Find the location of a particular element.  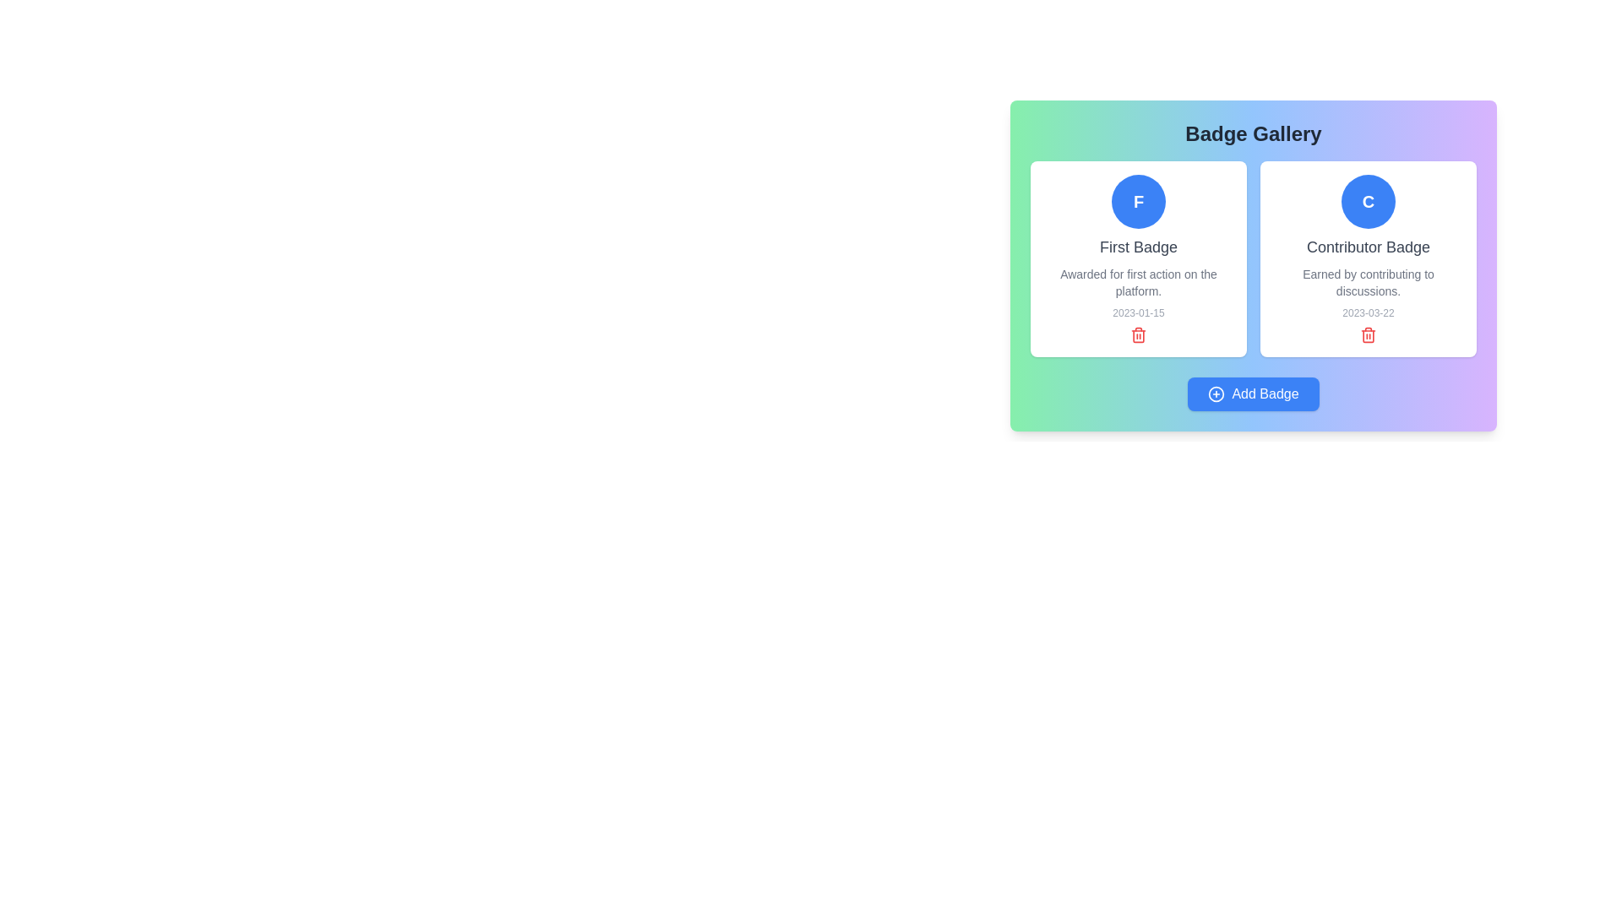

the small text label displaying the date '2023-01-15' located at the bottom of the left badge card in the 'Badge Gallery' section is located at coordinates (1139, 312).